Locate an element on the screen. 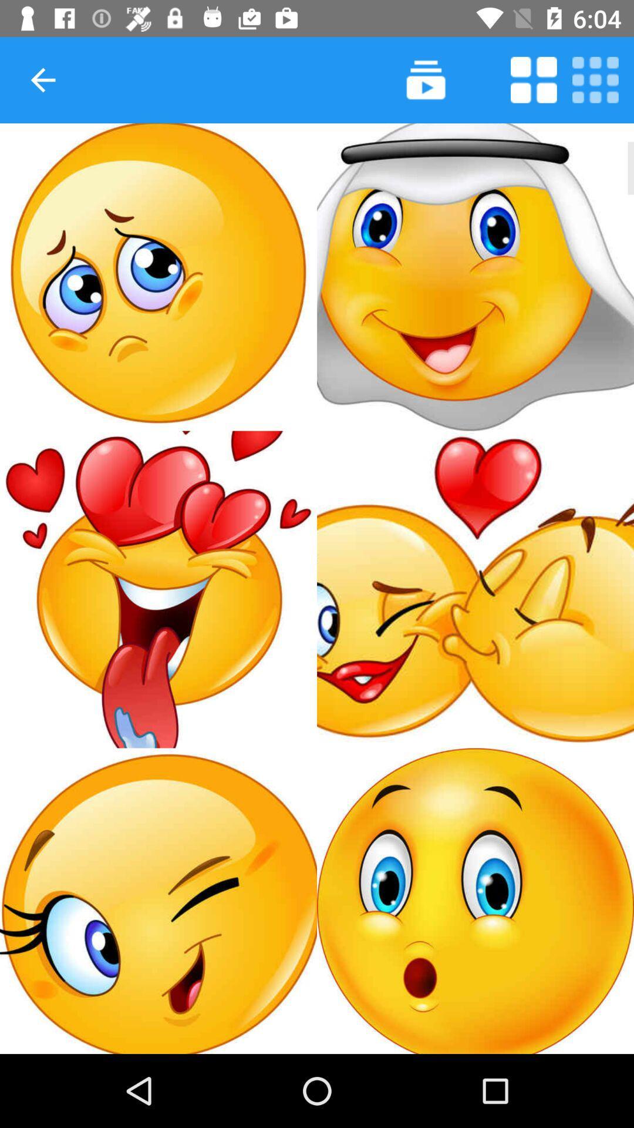  emoticon is located at coordinates (158, 276).